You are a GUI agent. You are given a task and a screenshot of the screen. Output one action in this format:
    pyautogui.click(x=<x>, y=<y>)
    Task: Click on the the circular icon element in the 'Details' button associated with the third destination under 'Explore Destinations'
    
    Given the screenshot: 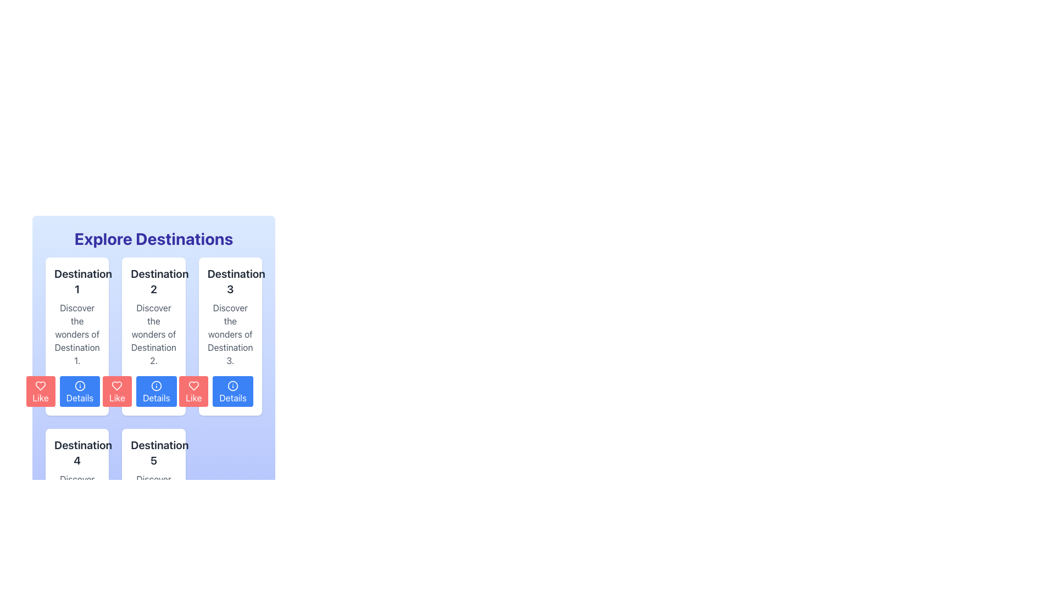 What is the action you would take?
    pyautogui.click(x=232, y=385)
    